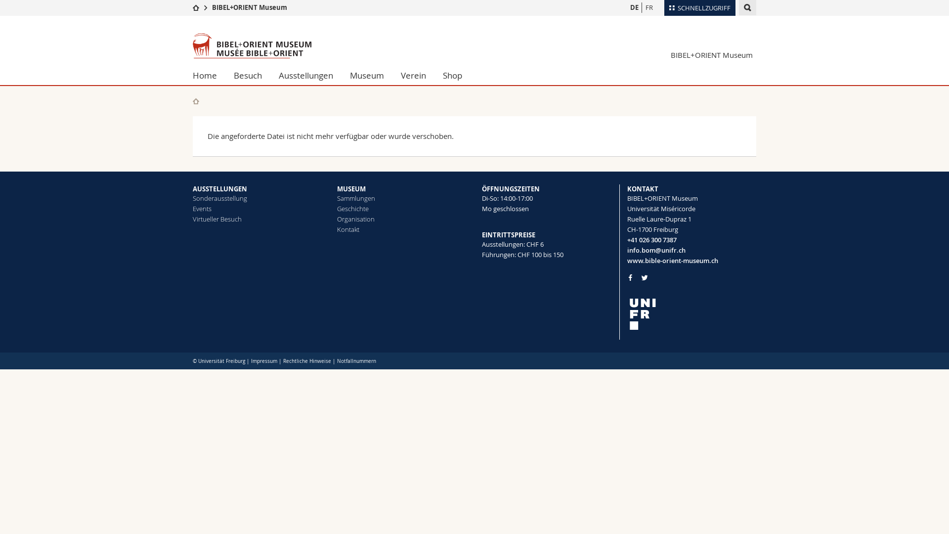 The width and height of the screenshot is (949, 534). I want to click on 'Home', so click(208, 75).